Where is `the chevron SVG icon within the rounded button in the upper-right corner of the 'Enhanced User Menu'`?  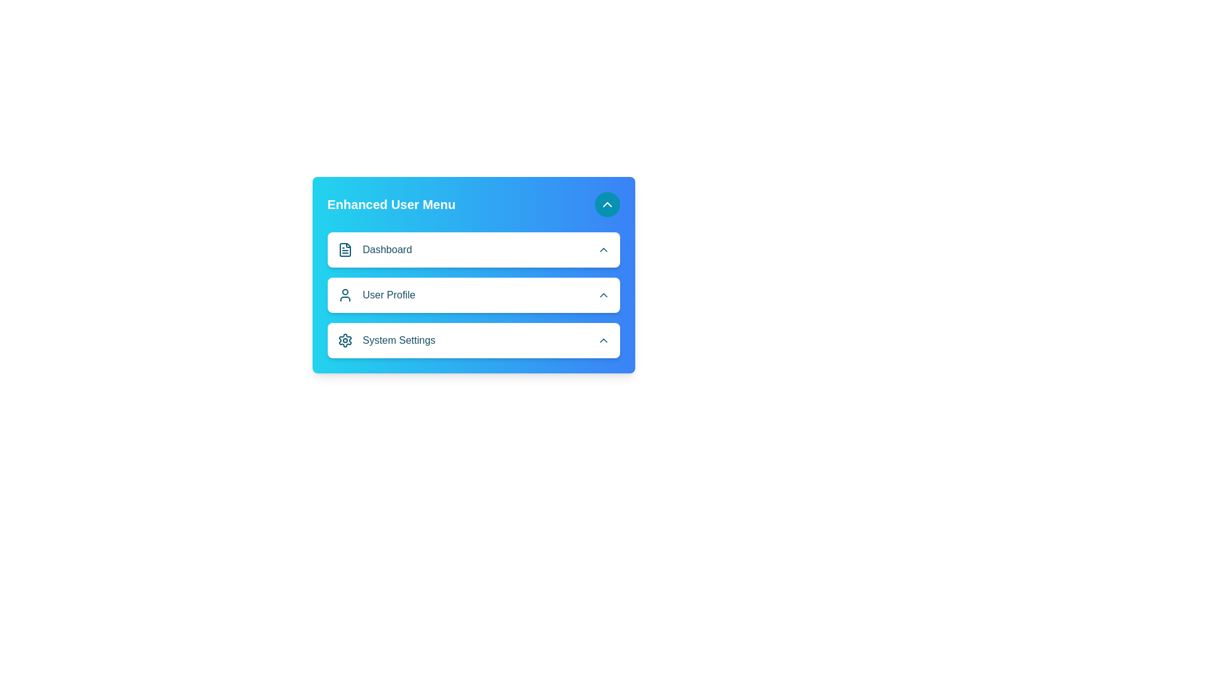 the chevron SVG icon within the rounded button in the upper-right corner of the 'Enhanced User Menu' is located at coordinates (607, 203).